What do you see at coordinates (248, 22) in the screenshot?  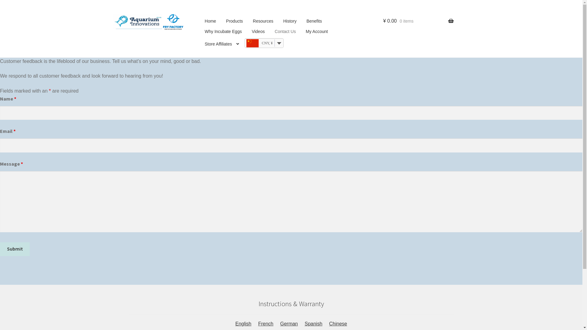 I see `'Resources'` at bounding box center [248, 22].